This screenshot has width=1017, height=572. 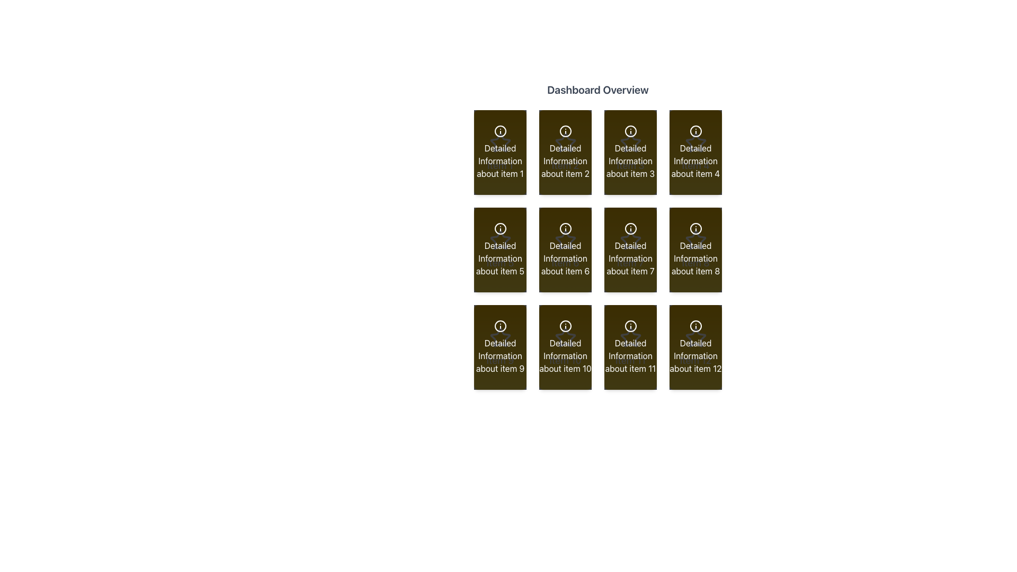 What do you see at coordinates (499, 355) in the screenshot?
I see `the label displaying 'Detailed Information about item 9' in white text on a dark background, located in the bottom-left tile of the grid layout` at bounding box center [499, 355].